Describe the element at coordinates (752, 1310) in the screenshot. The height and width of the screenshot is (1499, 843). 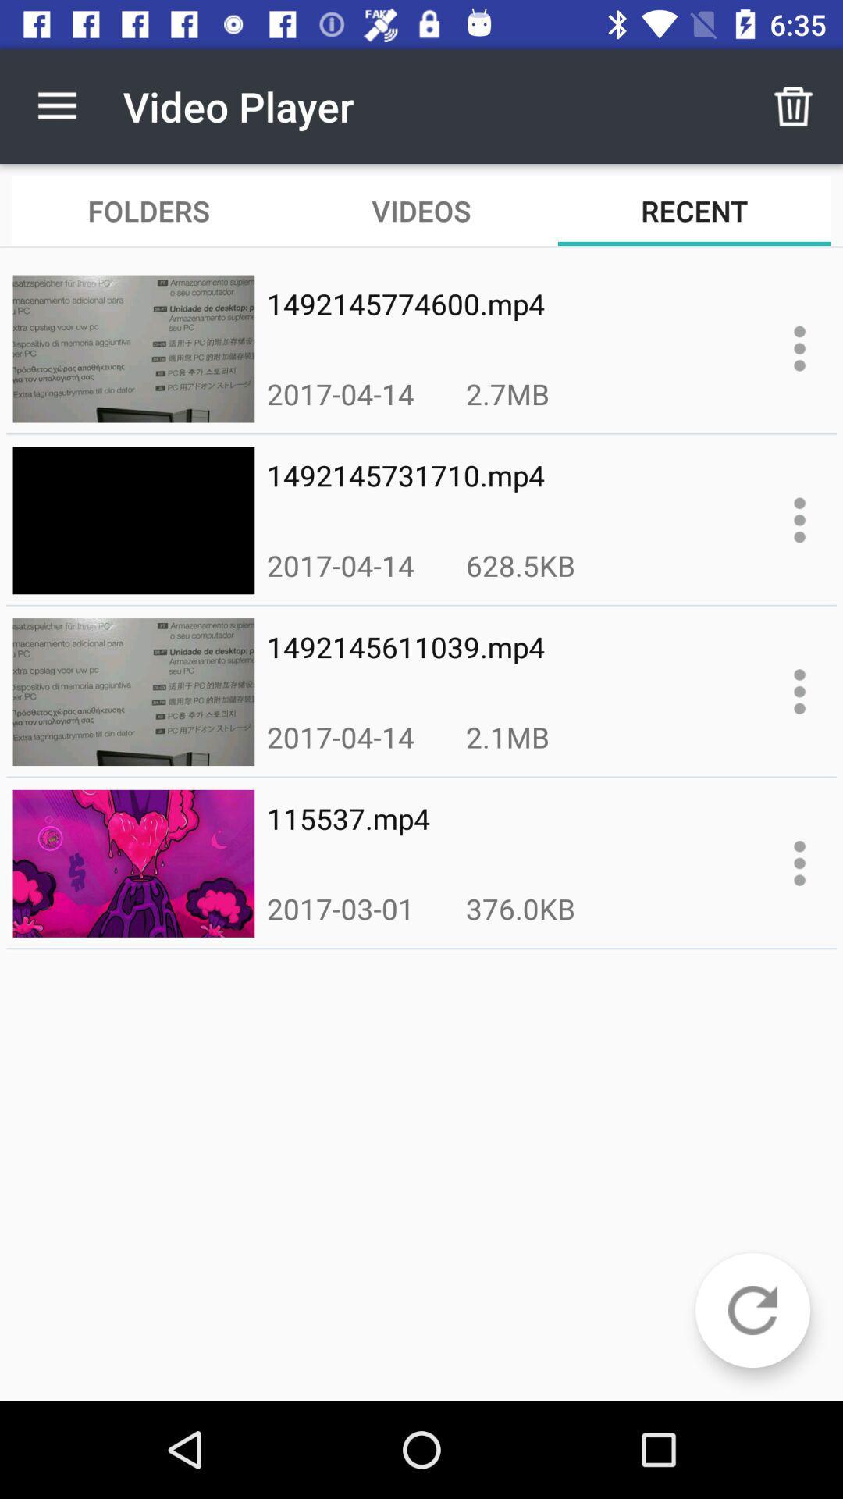
I see `next page` at that location.